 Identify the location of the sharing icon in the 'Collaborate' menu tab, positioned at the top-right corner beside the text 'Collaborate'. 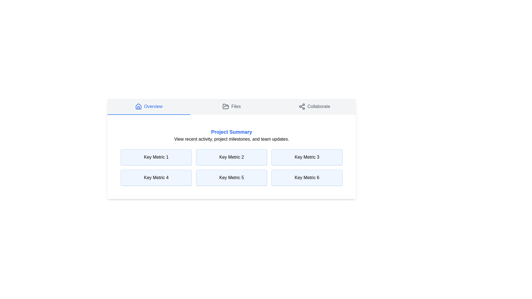
(301, 107).